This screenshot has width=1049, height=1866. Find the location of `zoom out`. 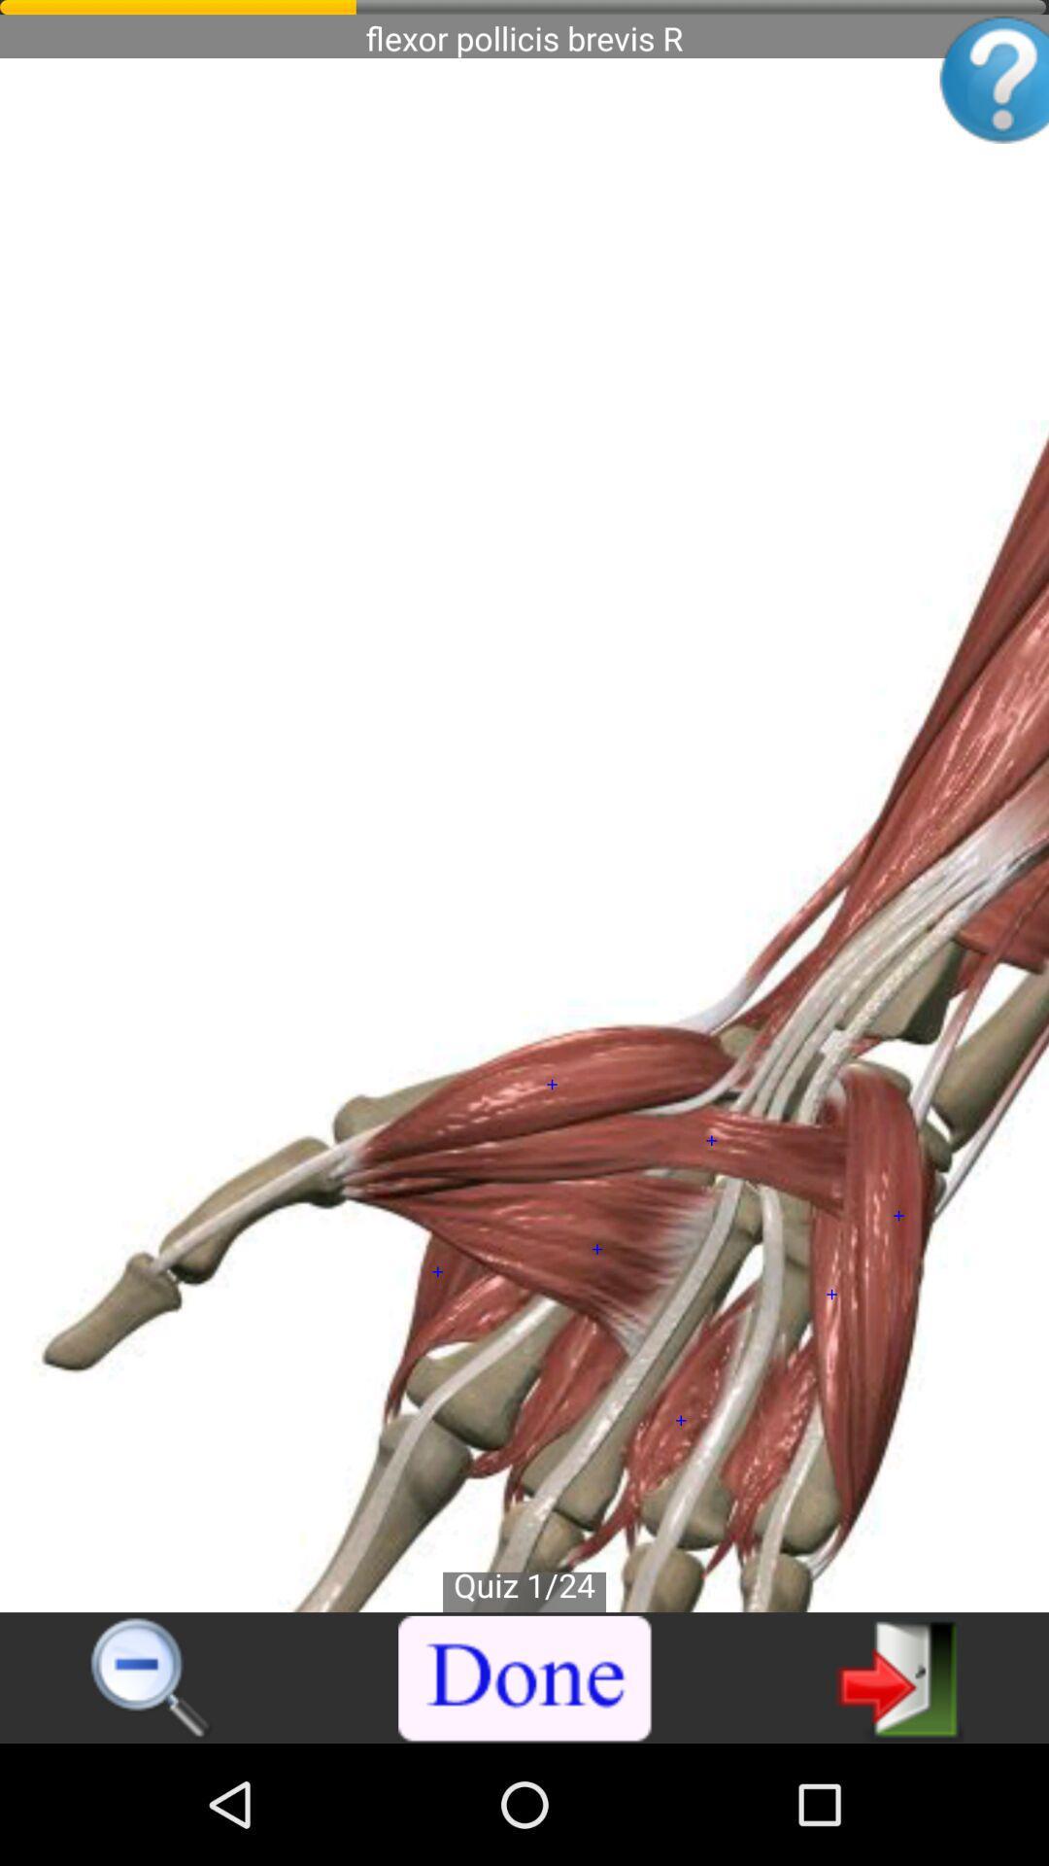

zoom out is located at coordinates (152, 1678).